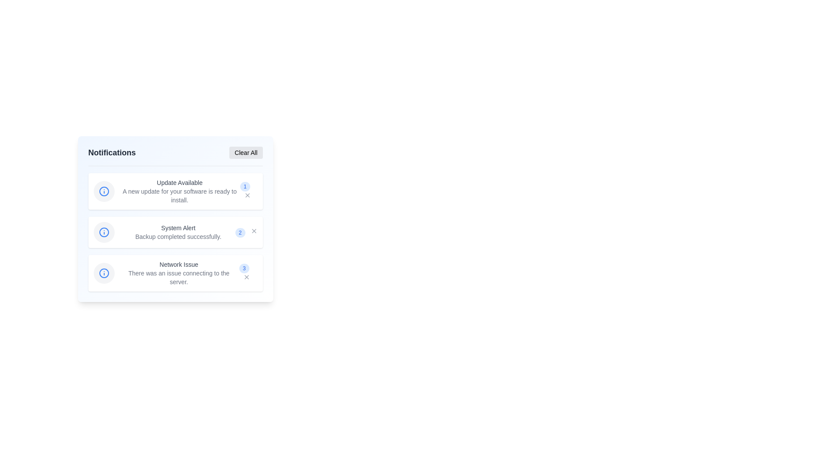 Image resolution: width=837 pixels, height=470 pixels. What do you see at coordinates (175, 232) in the screenshot?
I see `the second notification item in the Notification Card, which is located between 'Update Available' and 'Network Issue'` at bounding box center [175, 232].